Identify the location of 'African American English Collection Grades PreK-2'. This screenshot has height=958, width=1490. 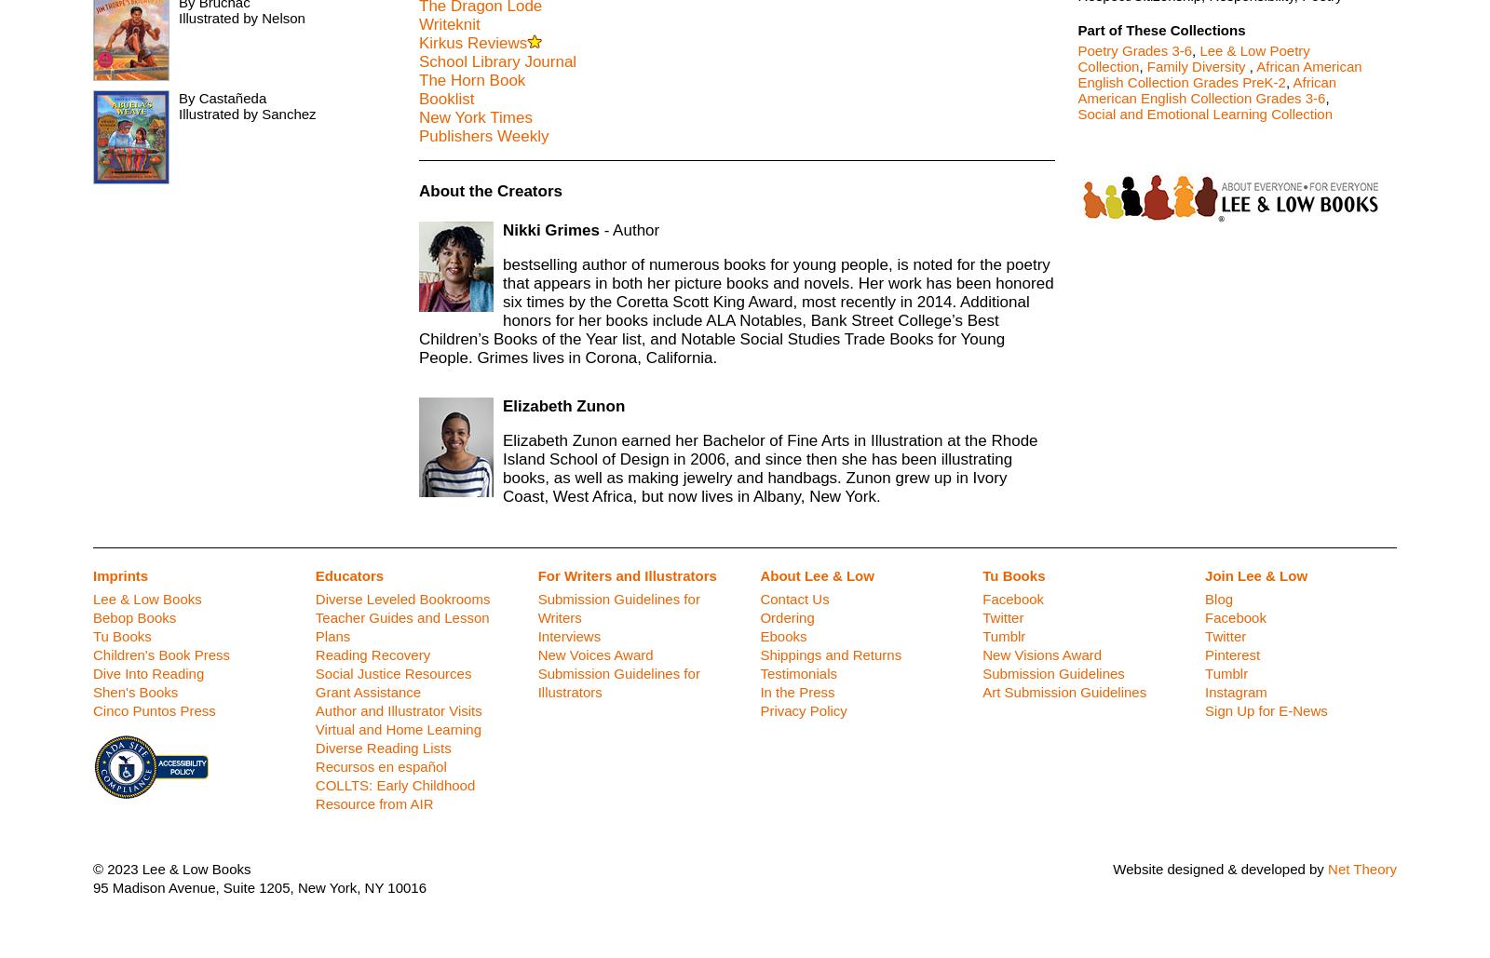
(1218, 73).